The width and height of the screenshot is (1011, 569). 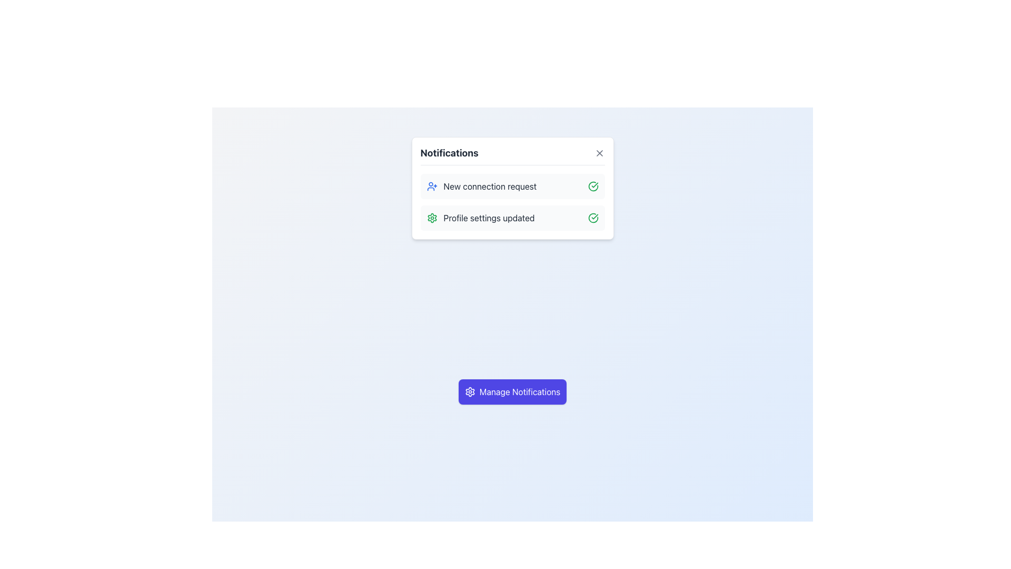 What do you see at coordinates (489, 186) in the screenshot?
I see `the label displaying 'New connection request' in the notification panel, which is styled in gray on a white background` at bounding box center [489, 186].